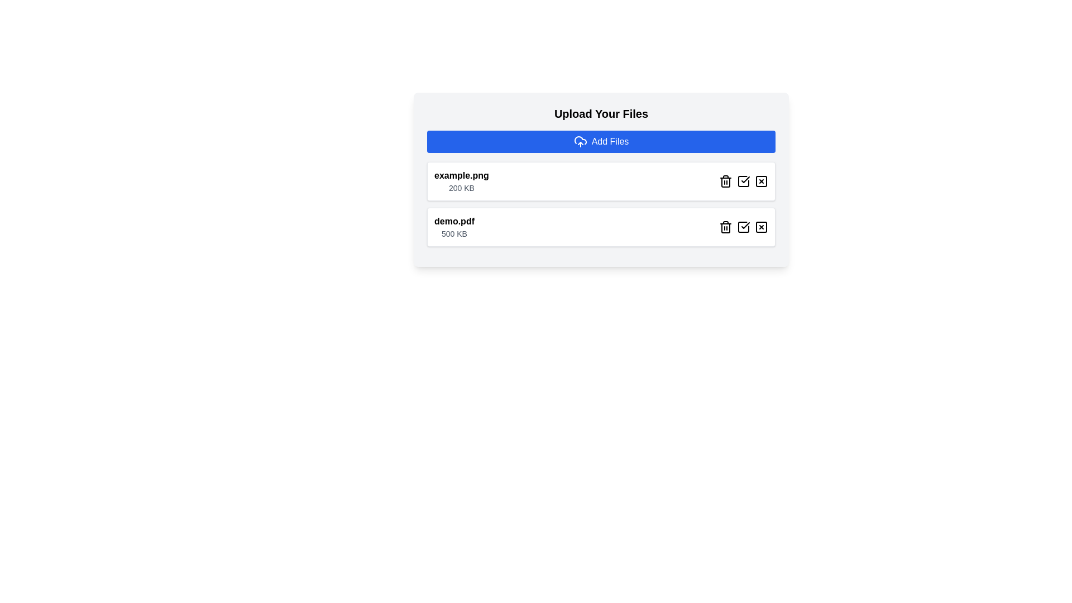 This screenshot has width=1072, height=603. What do you see at coordinates (760, 227) in the screenshot?
I see `the small, square-shaped icon with rounded corners that features a cross (X) symbol, indicating a 'remove' or 'delete' action, located on the far right of a list item in a file upload interface` at bounding box center [760, 227].